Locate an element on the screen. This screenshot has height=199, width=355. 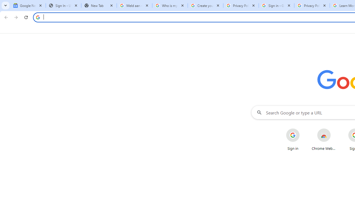
'More actions for Chrome Web Store shortcut' is located at coordinates (335, 129).